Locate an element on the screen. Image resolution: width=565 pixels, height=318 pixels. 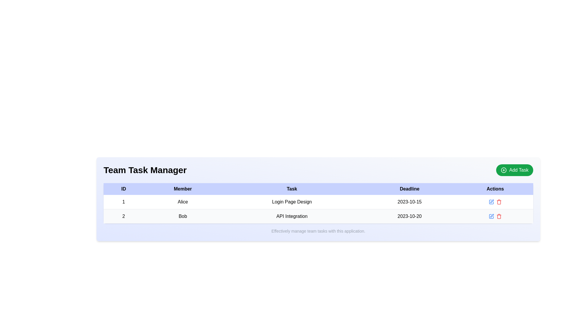
the Text Label that serves as the header for the 'Actions' column in the table, positioned at the top right of the header row is located at coordinates (495, 189).